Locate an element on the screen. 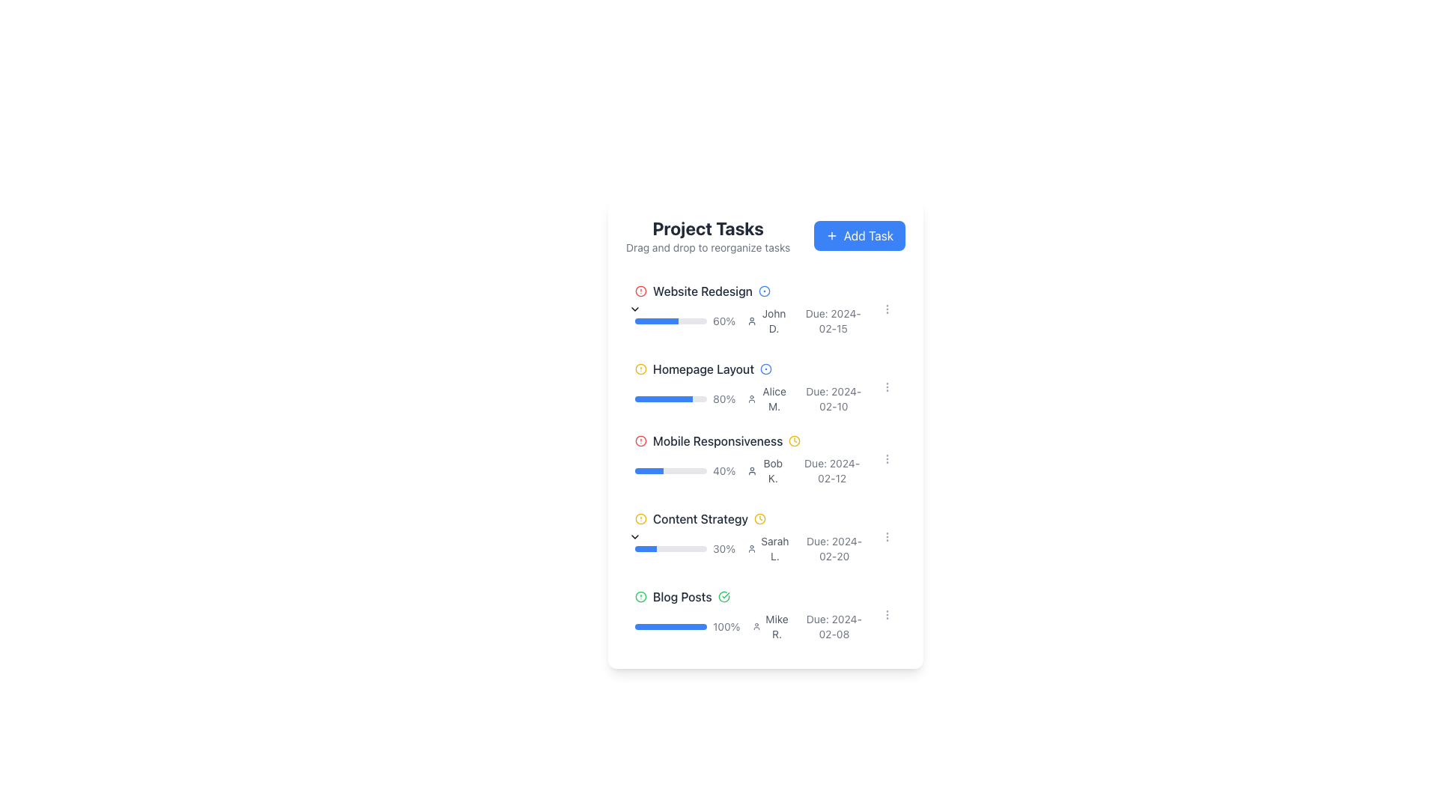 The image size is (1438, 809). the user icon next to the assignee's name 'Alice M.' in the Task Summary Row is located at coordinates (750, 398).